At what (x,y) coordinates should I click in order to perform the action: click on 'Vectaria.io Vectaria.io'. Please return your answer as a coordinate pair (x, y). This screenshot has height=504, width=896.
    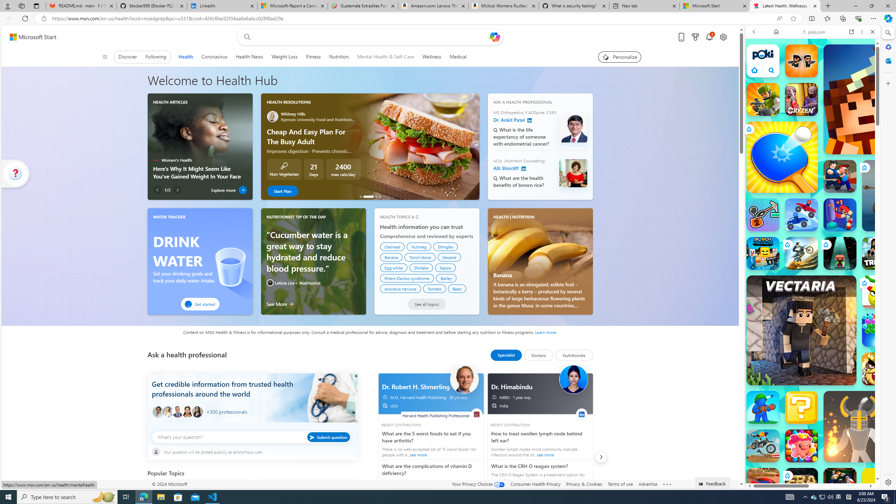
    Looking at the image, I should click on (801, 330).